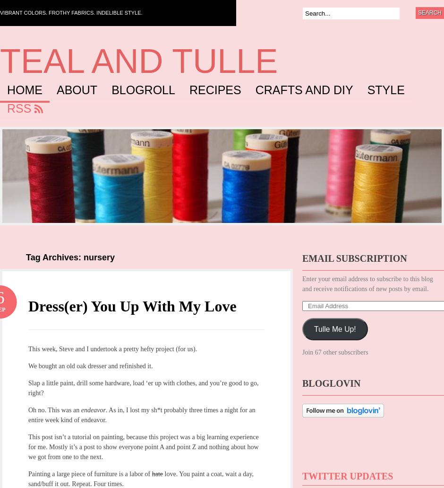 The height and width of the screenshot is (488, 444). What do you see at coordinates (143, 387) in the screenshot?
I see `'Slap a little paint, drill some hardware, load ‘er up with clothes, and you’re good to go, right?'` at bounding box center [143, 387].